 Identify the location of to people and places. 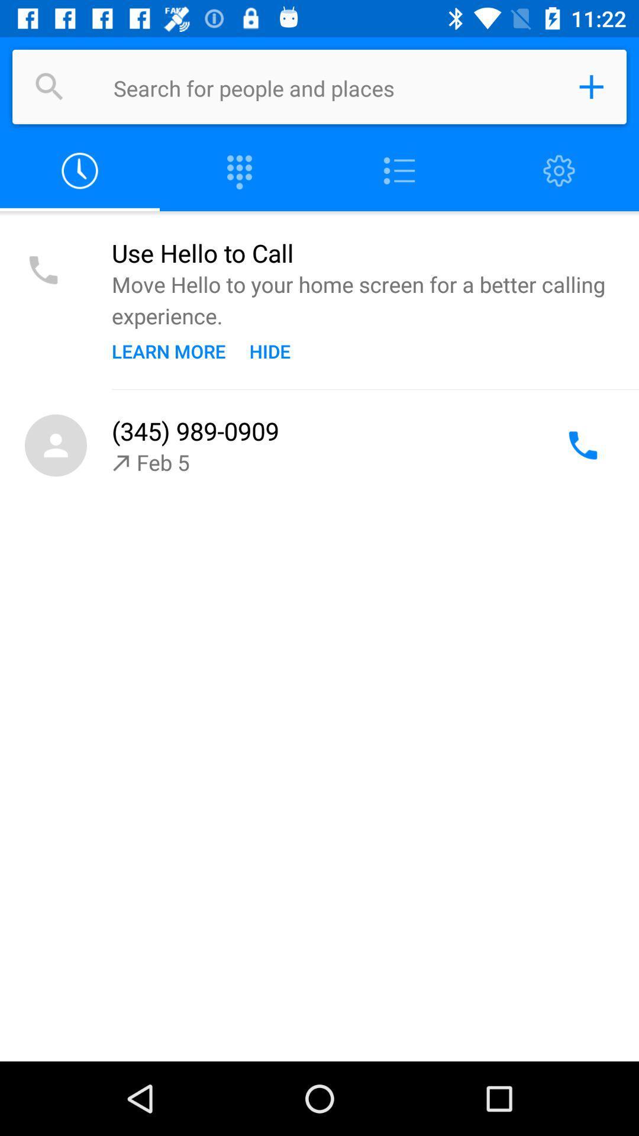
(591, 86).